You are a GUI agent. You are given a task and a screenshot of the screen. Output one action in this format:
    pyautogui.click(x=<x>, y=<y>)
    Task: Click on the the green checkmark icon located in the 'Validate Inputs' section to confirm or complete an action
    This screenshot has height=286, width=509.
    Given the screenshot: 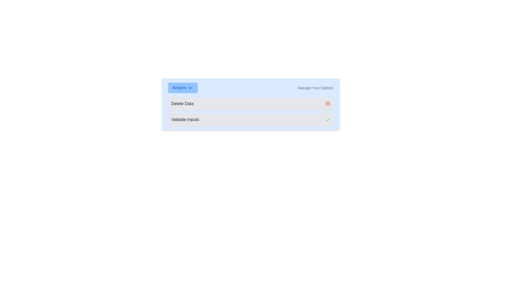 What is the action you would take?
    pyautogui.click(x=328, y=119)
    